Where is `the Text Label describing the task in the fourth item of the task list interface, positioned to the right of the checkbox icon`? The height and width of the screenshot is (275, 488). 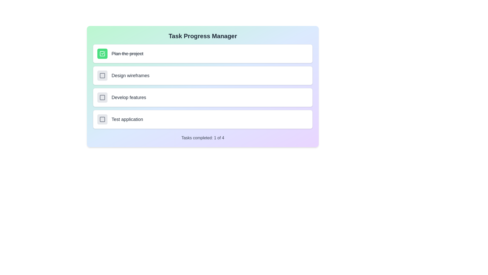 the Text Label describing the task in the fourth item of the task list interface, positioned to the right of the checkbox icon is located at coordinates (127, 119).